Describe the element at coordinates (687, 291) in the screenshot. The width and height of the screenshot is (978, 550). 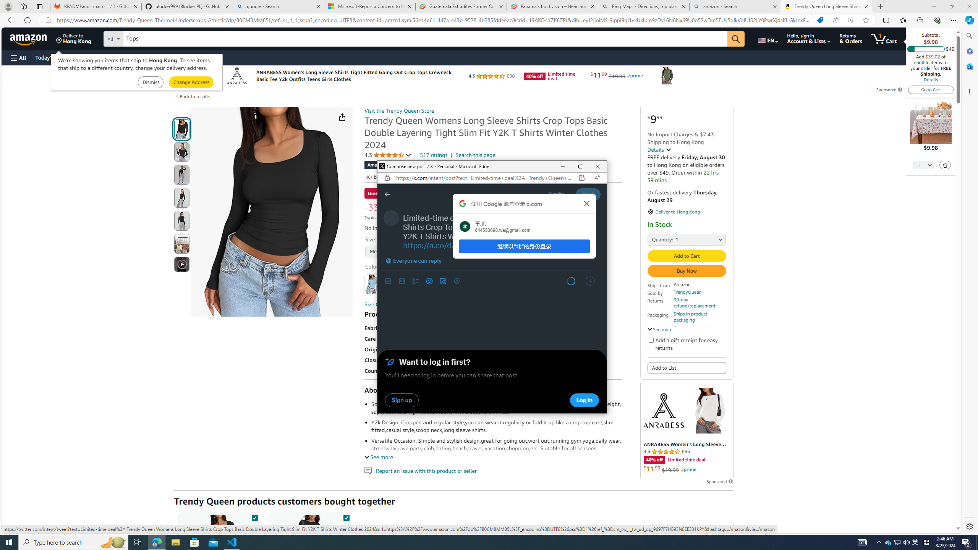
I see `'TrendyQueen'` at that location.